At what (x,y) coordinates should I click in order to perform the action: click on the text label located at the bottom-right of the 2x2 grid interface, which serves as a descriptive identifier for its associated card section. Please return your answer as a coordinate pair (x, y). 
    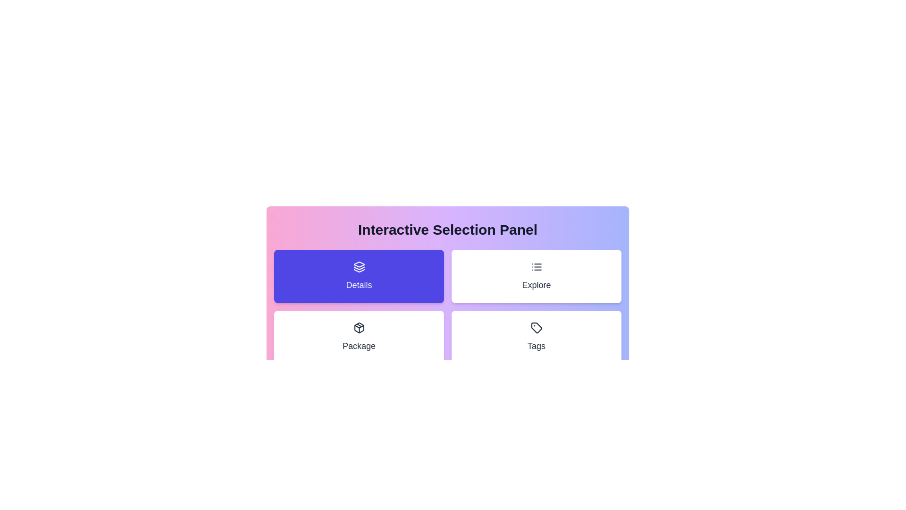
    Looking at the image, I should click on (537, 346).